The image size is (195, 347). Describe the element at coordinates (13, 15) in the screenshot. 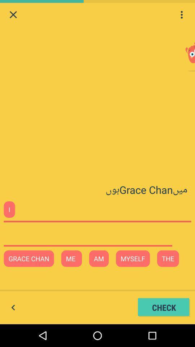

I see `the close icon` at that location.